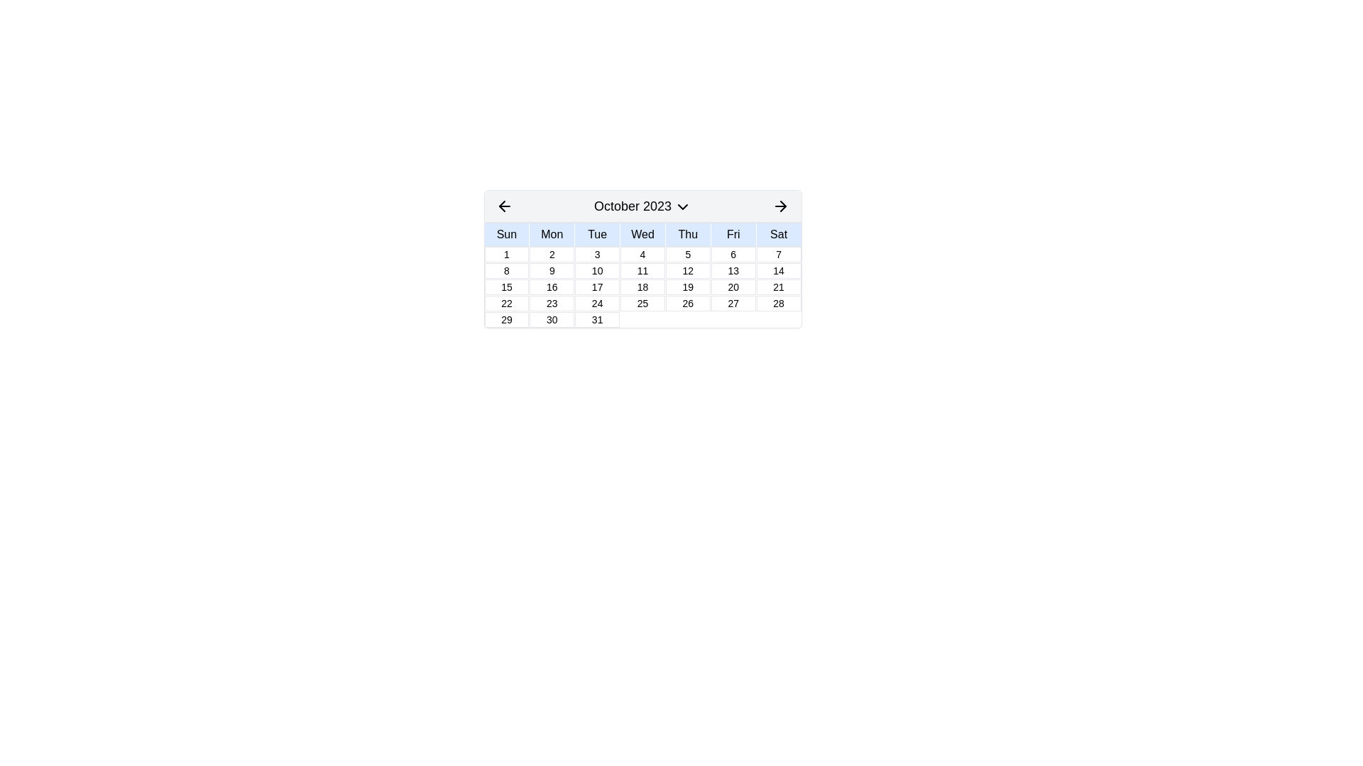  I want to click on the calendar cell displaying the number '15', so click(506, 287).